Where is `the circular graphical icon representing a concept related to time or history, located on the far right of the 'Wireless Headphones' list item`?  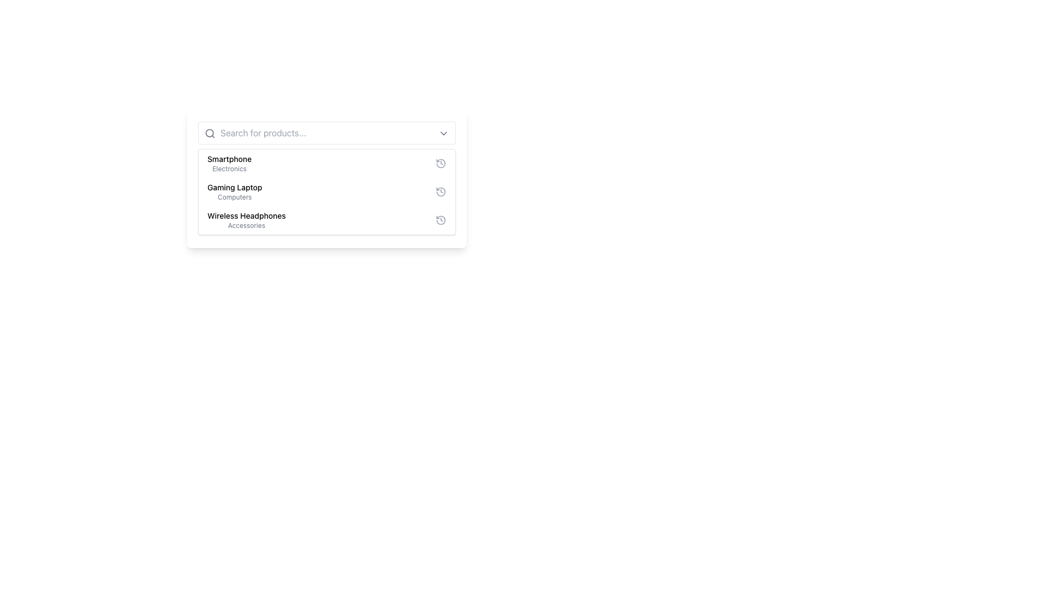
the circular graphical icon representing a concept related to time or history, located on the far right of the 'Wireless Headphones' list item is located at coordinates (440, 220).